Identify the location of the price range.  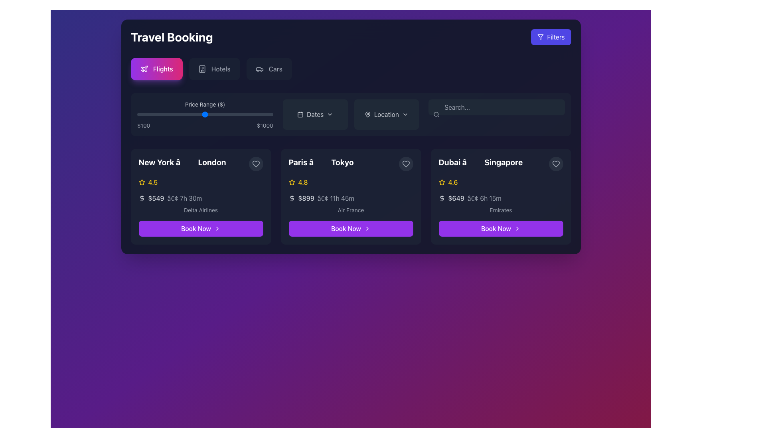
(236, 114).